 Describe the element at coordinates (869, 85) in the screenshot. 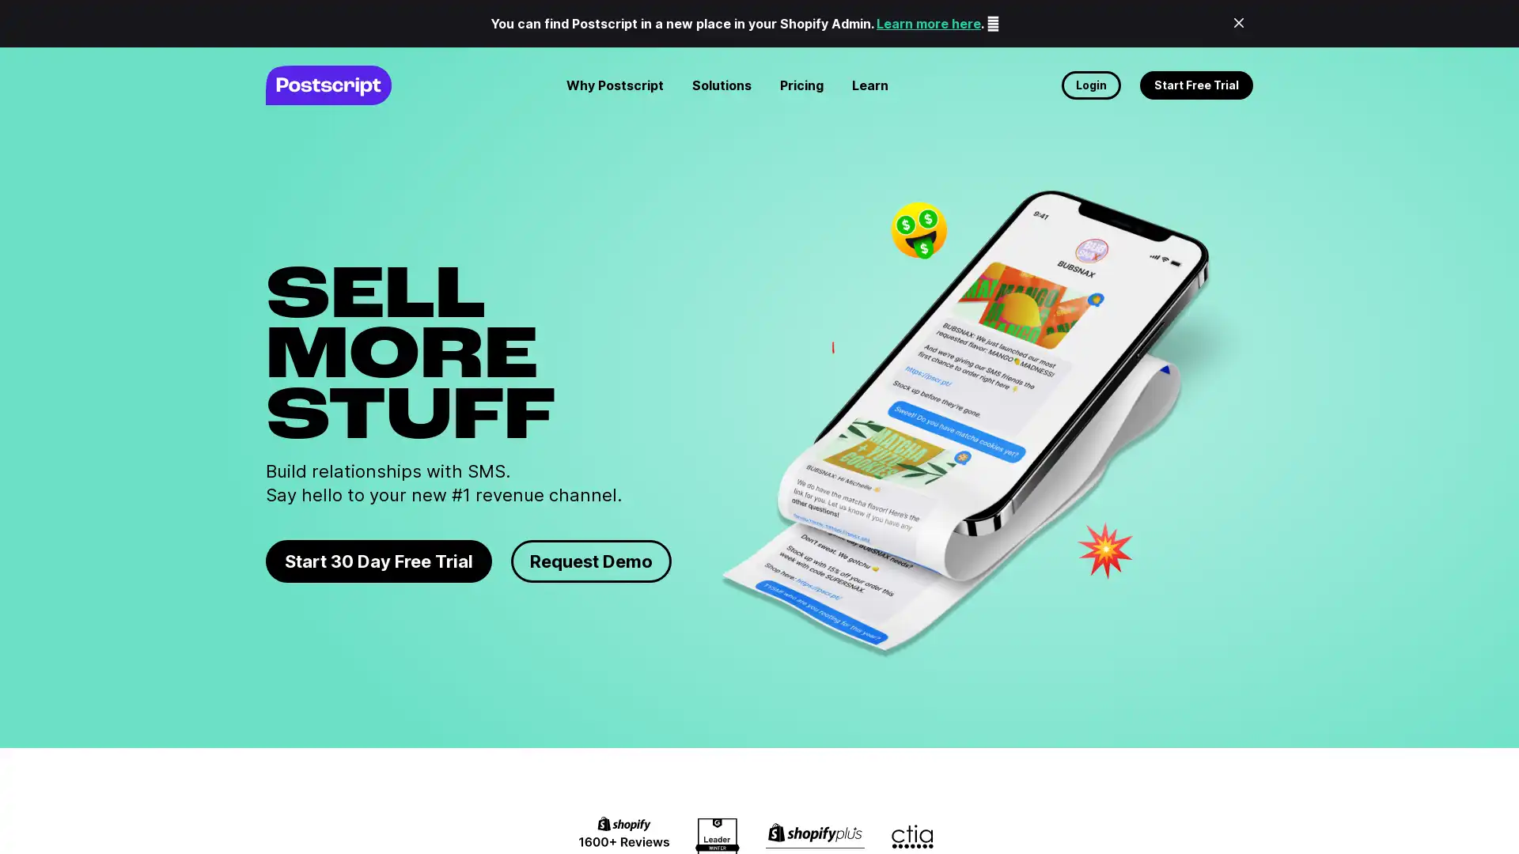

I see `Learn` at that location.